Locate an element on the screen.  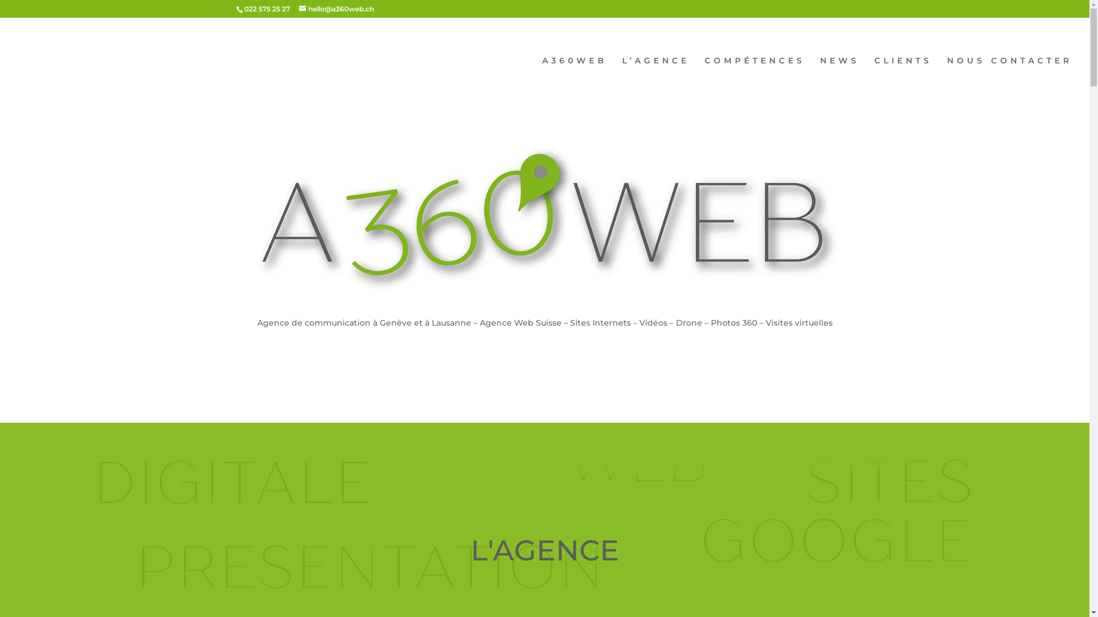
'NEWS' is located at coordinates (840, 79).